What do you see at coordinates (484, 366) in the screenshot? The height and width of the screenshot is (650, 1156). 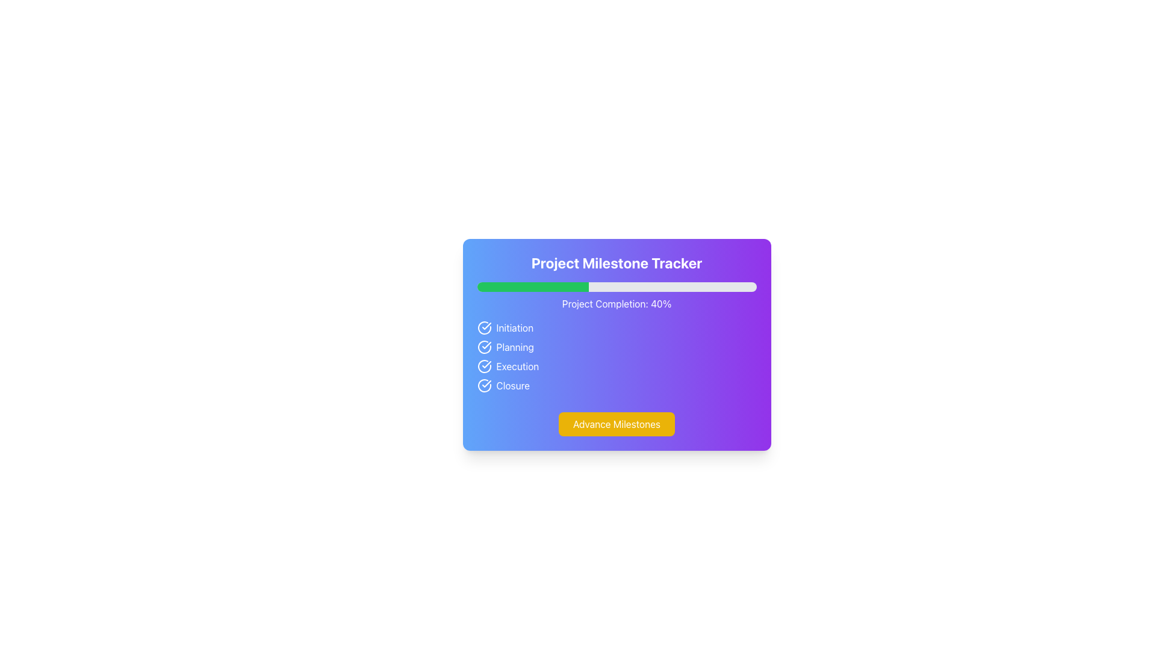 I see `the completion status icon for the 'Execution' milestone, which is the third icon in a vertical sequence of four icons` at bounding box center [484, 366].